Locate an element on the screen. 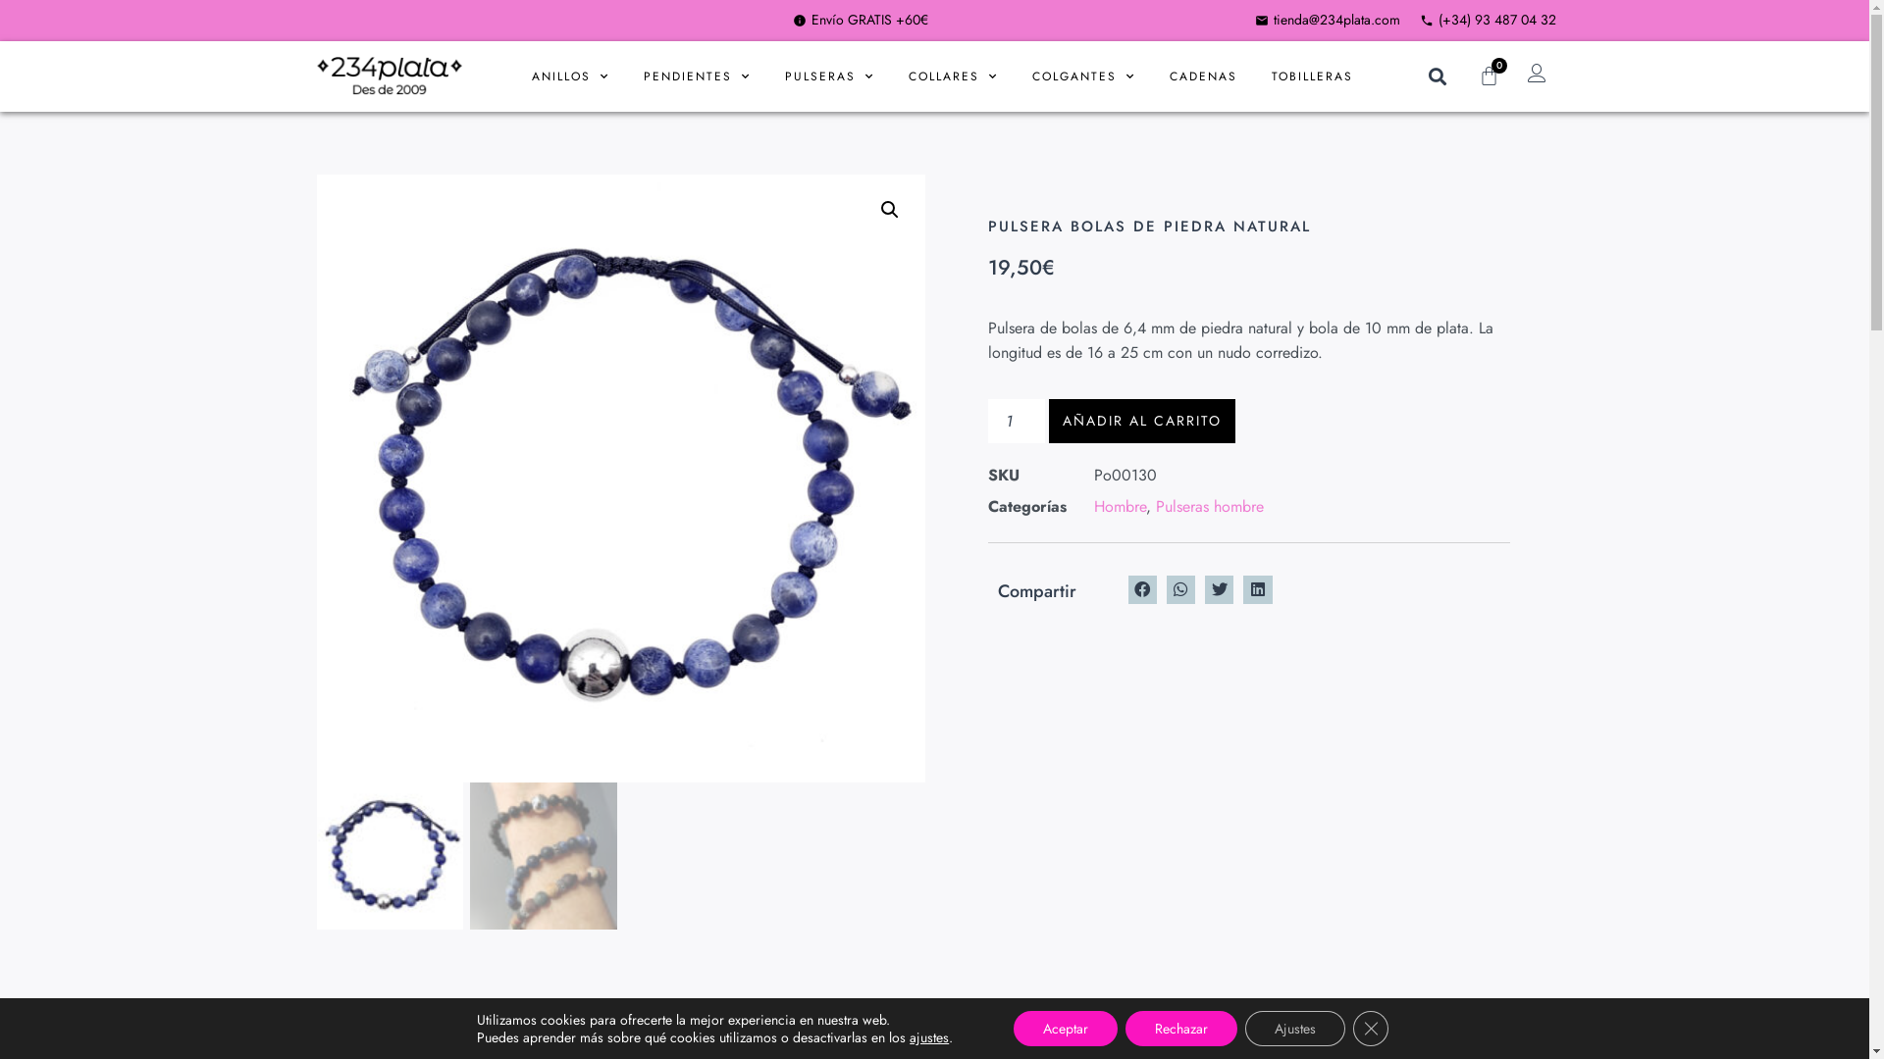 The height and width of the screenshot is (1059, 1884). 'tienda@234plata.com' is located at coordinates (1327, 20).